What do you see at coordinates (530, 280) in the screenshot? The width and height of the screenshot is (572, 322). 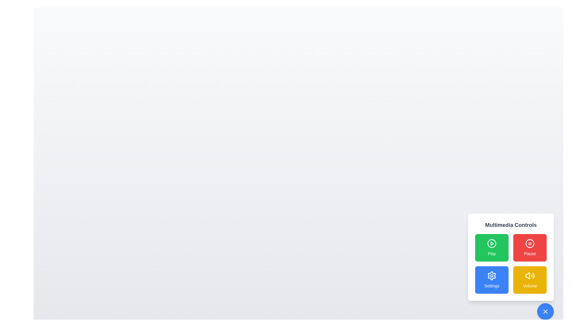 I see `the Interactive button located in the bottom-right corner of the 'Multimedia Controls' grid` at bounding box center [530, 280].